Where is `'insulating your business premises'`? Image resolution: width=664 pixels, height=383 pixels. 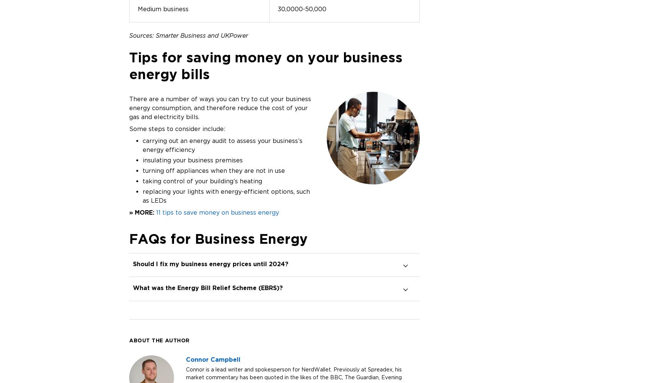
'insulating your business premises' is located at coordinates (192, 160).